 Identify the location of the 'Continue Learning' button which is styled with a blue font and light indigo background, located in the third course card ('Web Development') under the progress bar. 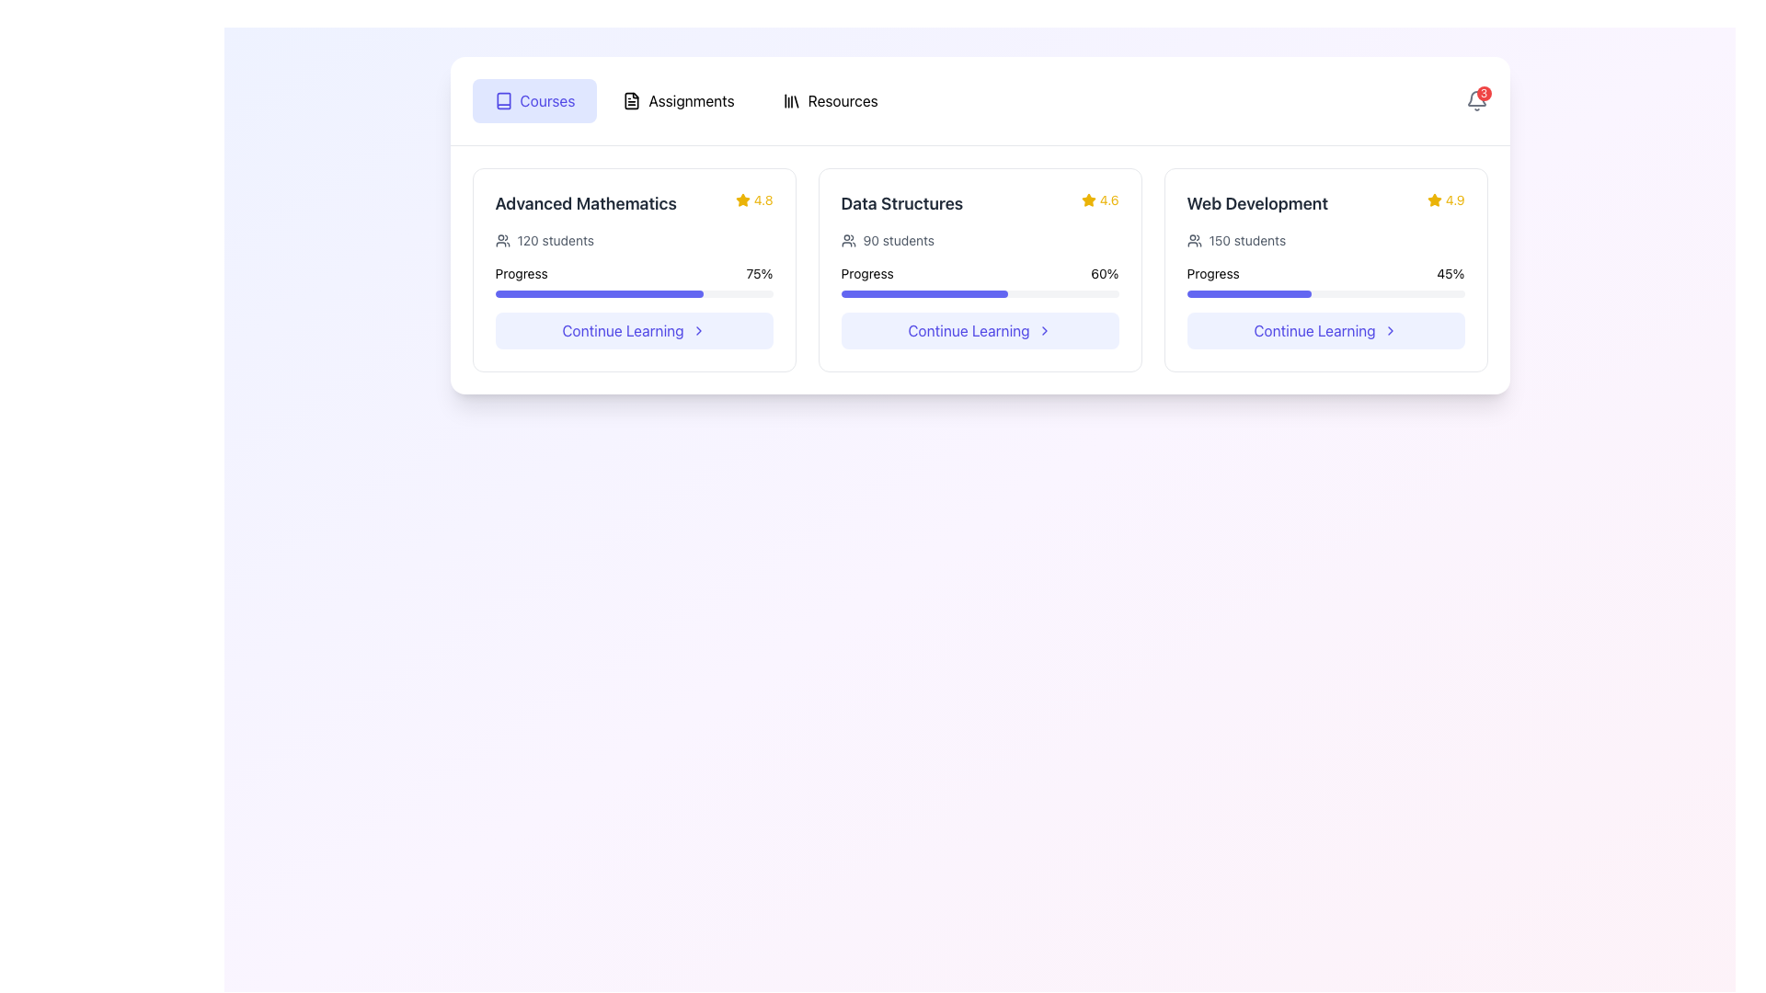
(1313, 329).